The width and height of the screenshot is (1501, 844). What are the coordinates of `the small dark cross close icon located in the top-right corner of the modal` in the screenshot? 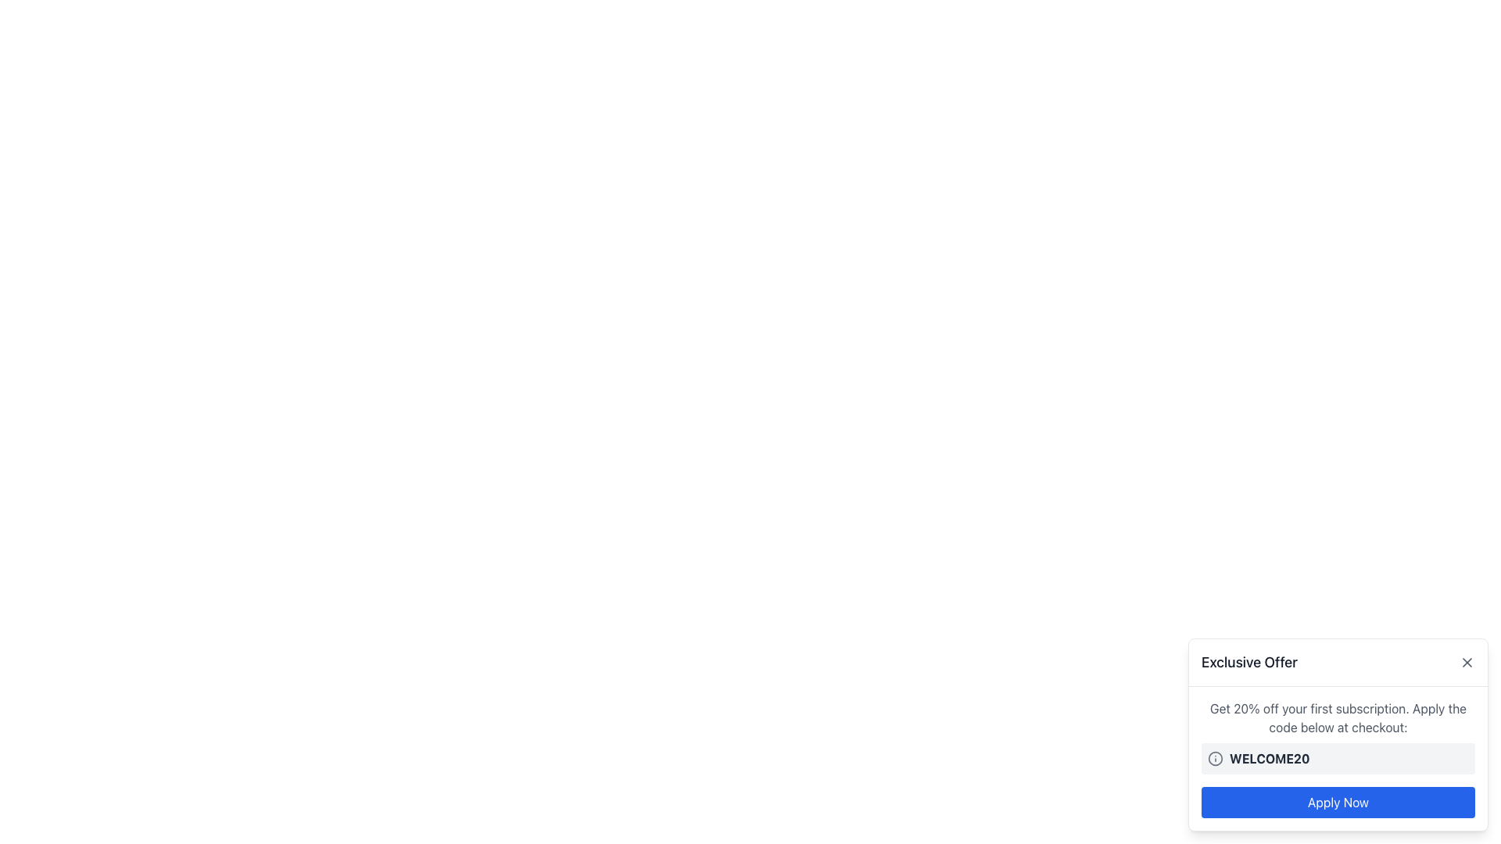 It's located at (1466, 663).